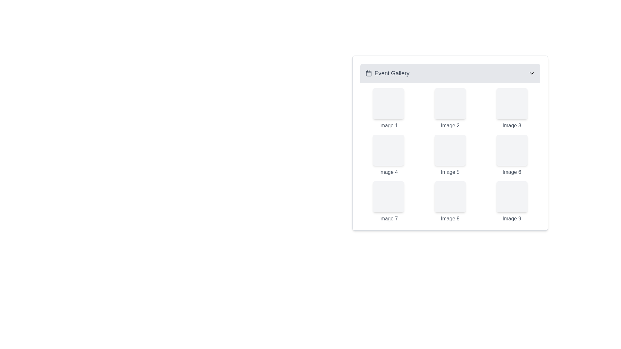 Image resolution: width=621 pixels, height=349 pixels. I want to click on the Image Tile labeled 'Image 6', which is a square thumbnail with rounded corners and a light gray background, so click(511, 155).